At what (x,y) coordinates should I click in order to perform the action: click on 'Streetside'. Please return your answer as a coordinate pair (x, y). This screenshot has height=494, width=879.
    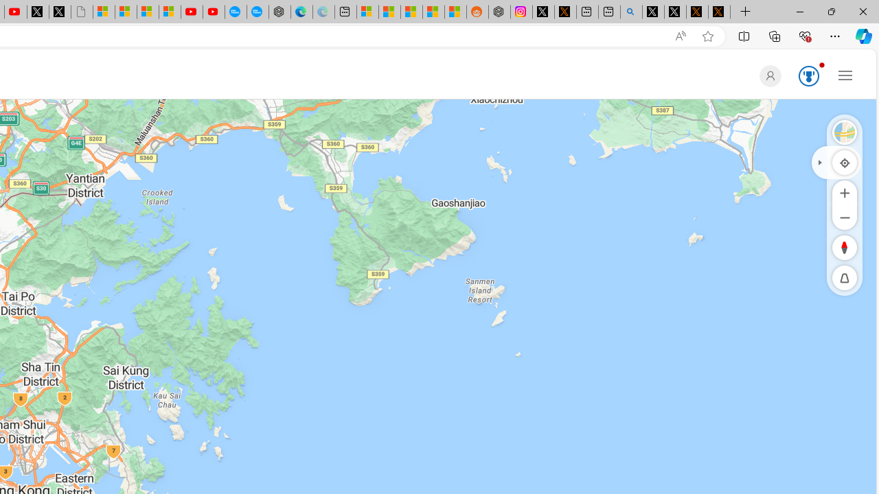
    Looking at the image, I should click on (844, 132).